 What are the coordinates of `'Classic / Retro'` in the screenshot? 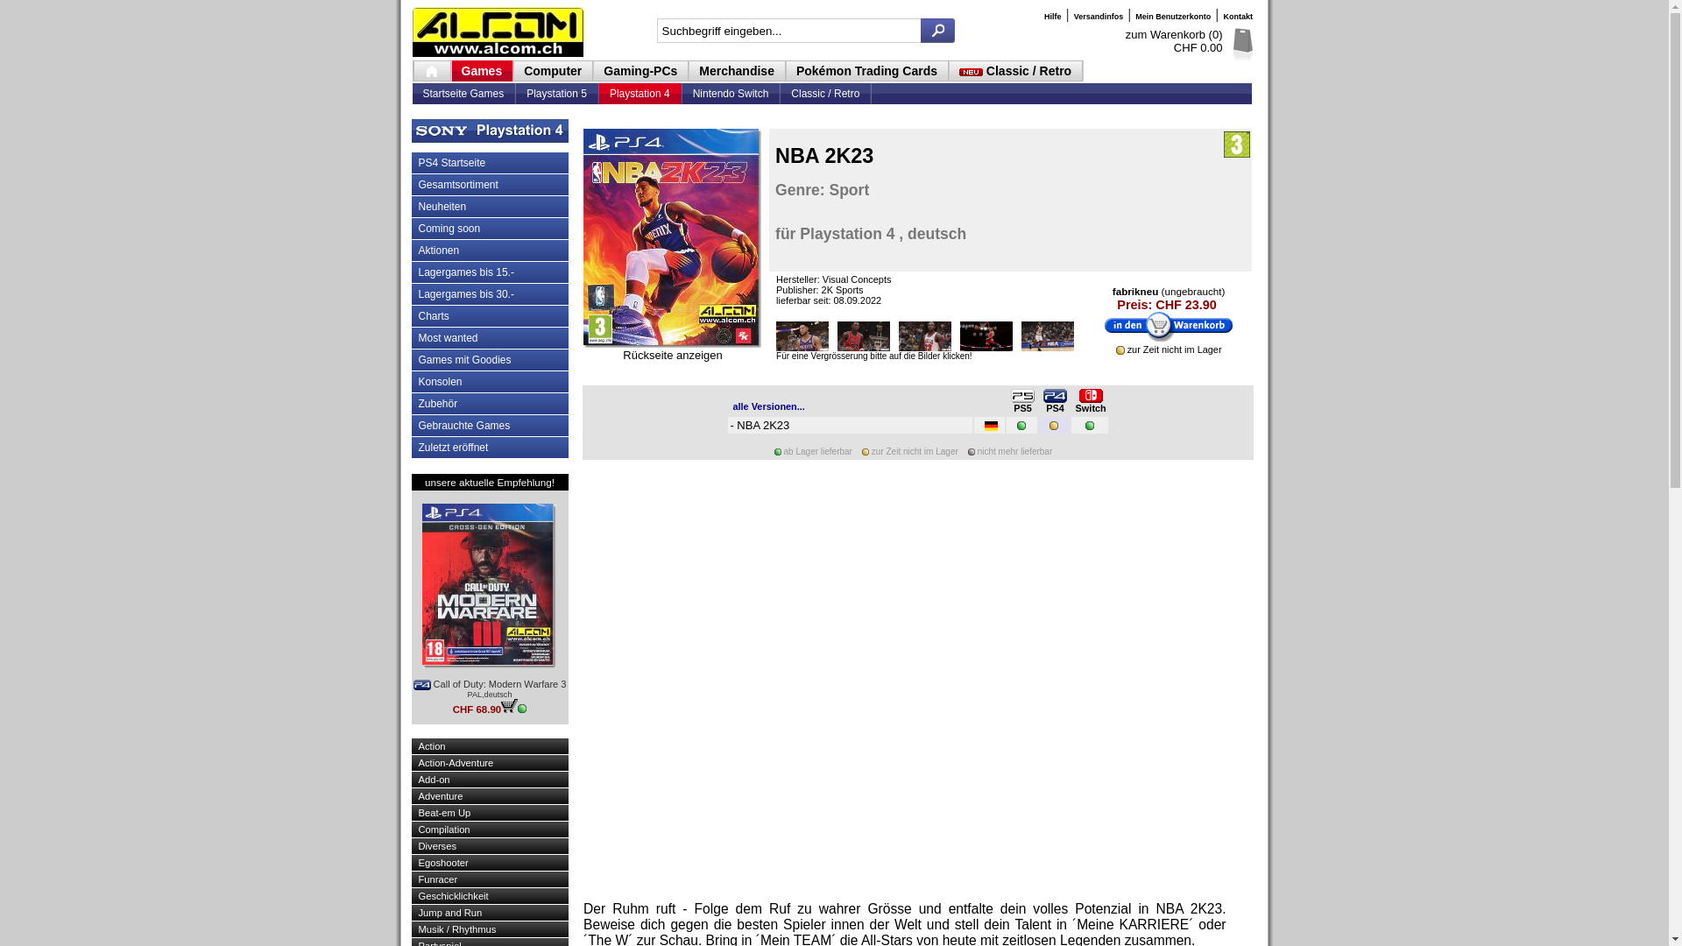 It's located at (823, 94).